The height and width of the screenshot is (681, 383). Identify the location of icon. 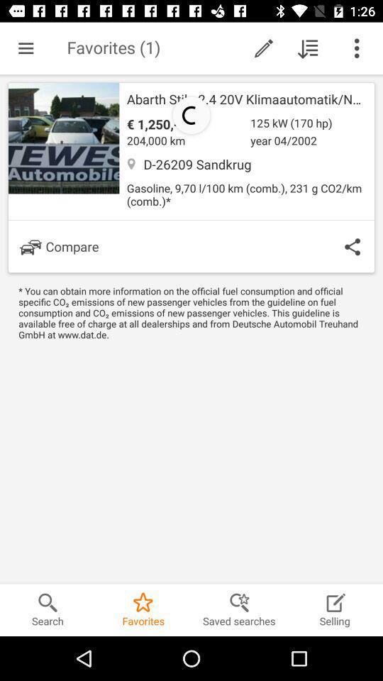
(308, 48).